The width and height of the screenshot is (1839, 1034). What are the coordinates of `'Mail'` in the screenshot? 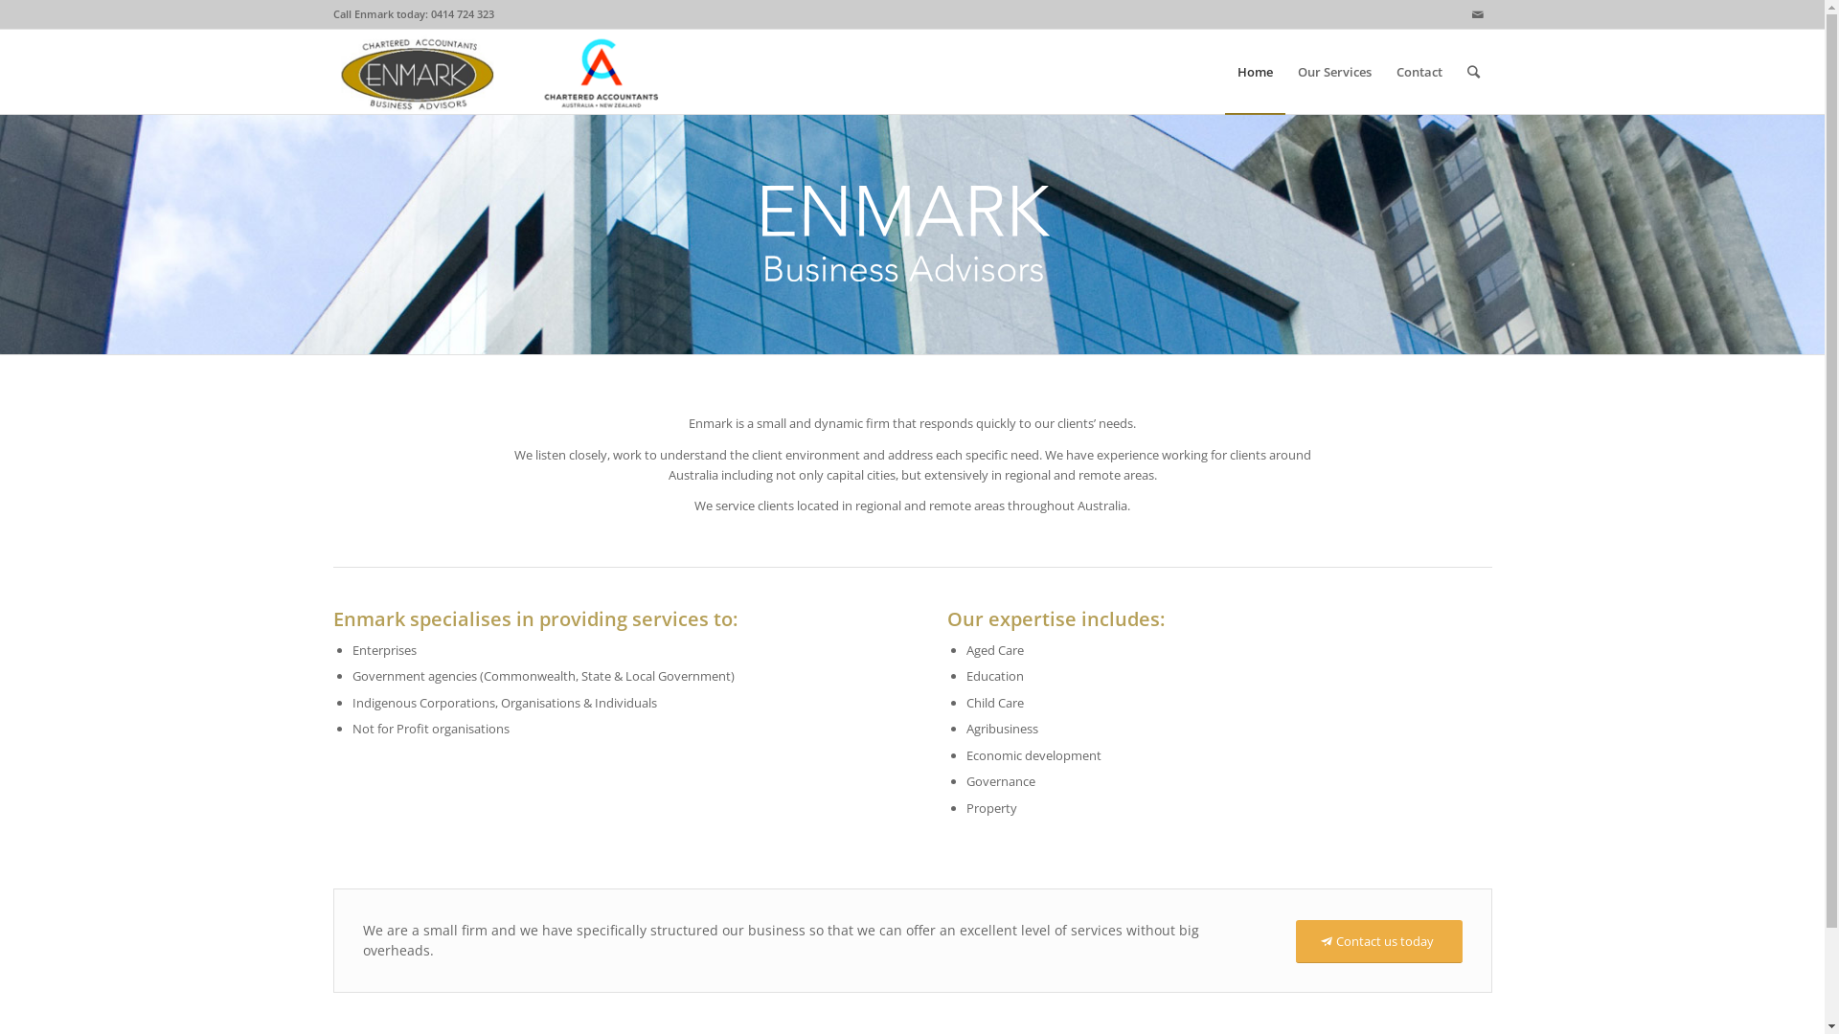 It's located at (1462, 14).